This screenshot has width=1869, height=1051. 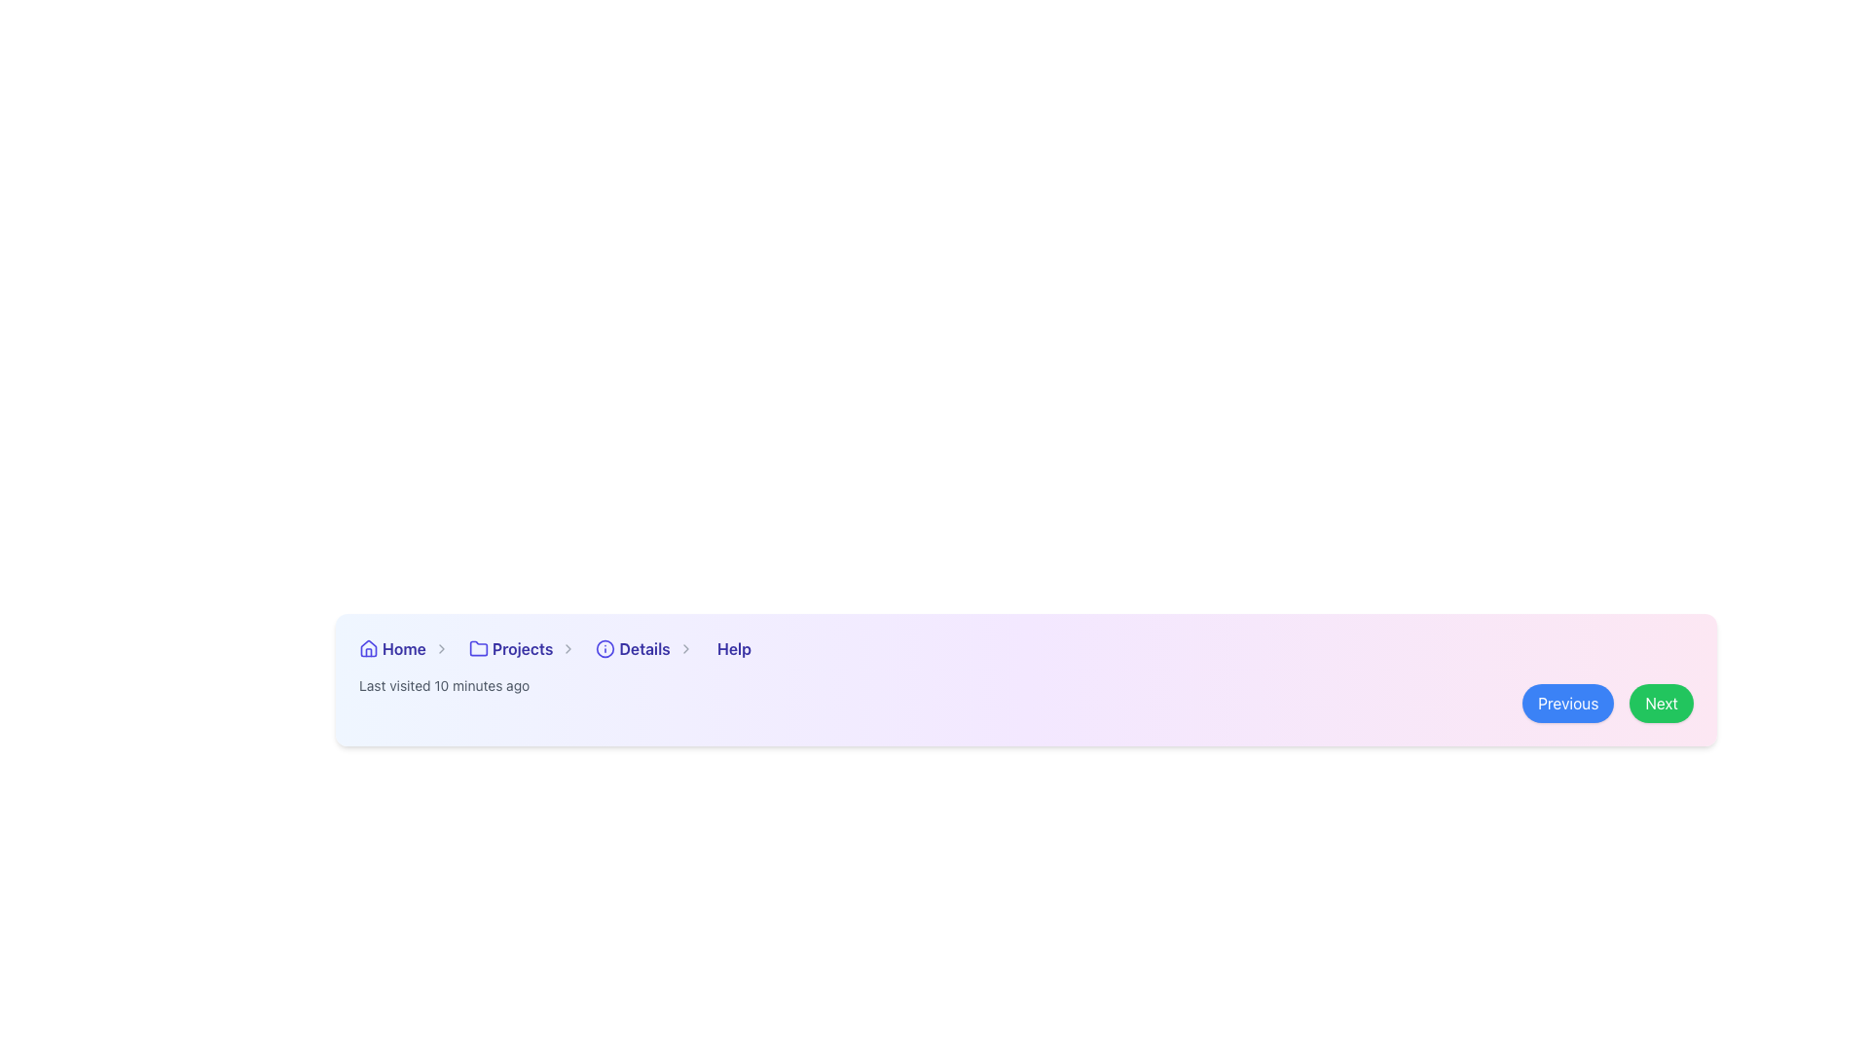 What do you see at coordinates (605, 649) in the screenshot?
I see `the circular SVG graphic element located in the bottom menu bar on the right side, which represents additional information or detail` at bounding box center [605, 649].